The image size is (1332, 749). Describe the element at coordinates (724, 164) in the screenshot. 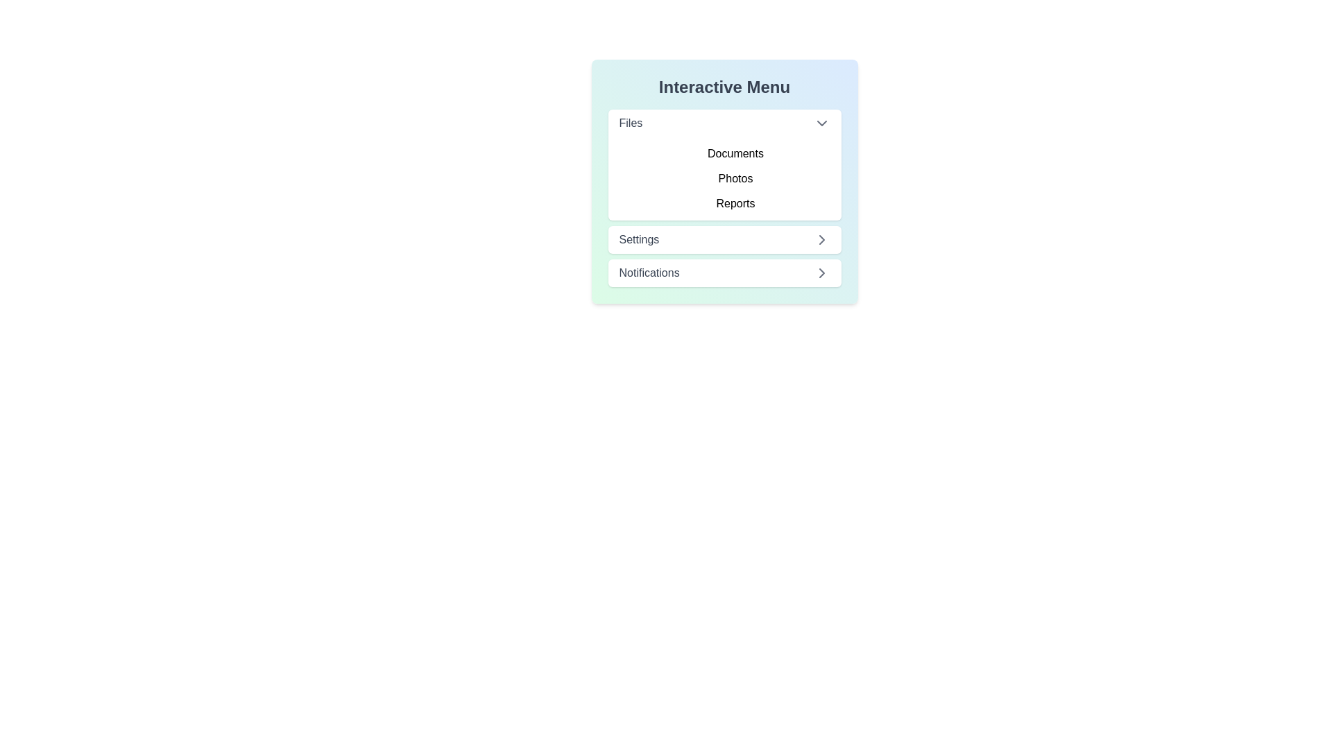

I see `an option from the dropdown menu under 'Files' in the 'Interactive Menu' by clicking on it` at that location.